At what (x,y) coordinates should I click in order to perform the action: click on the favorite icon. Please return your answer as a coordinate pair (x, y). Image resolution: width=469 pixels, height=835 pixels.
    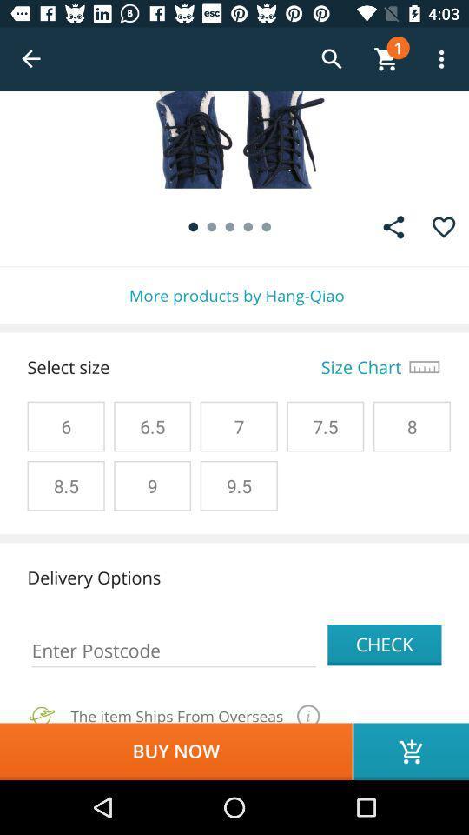
    Looking at the image, I should click on (444, 226).